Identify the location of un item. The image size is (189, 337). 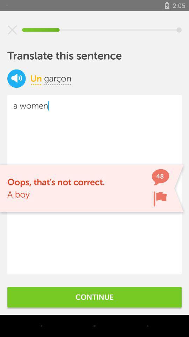
(36, 78).